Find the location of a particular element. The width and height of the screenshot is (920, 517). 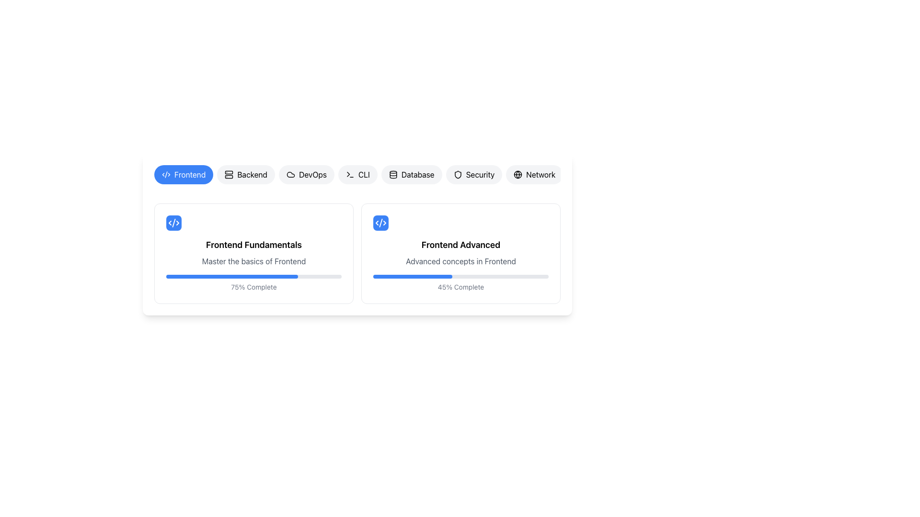

the 'Database' button, which is a light gray rounded rectangular button displaying the word 'Database' in a medium sans-serif font is located at coordinates (418, 175).